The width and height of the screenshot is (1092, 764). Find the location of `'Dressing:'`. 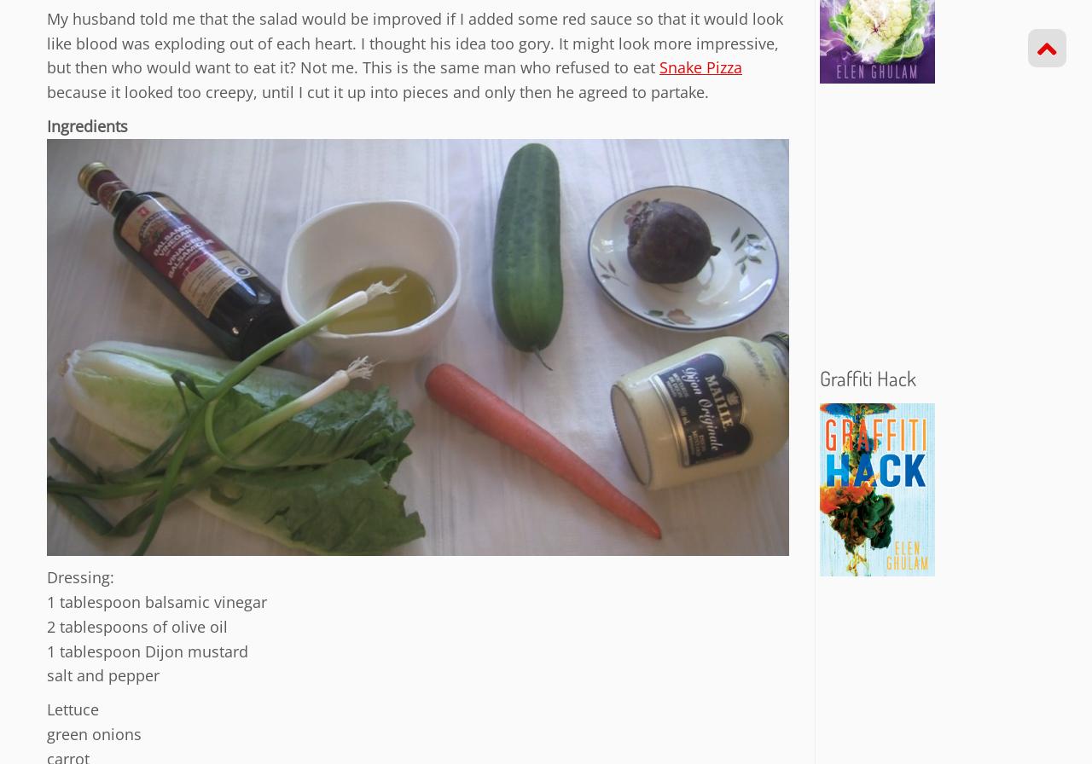

'Dressing:' is located at coordinates (79, 577).